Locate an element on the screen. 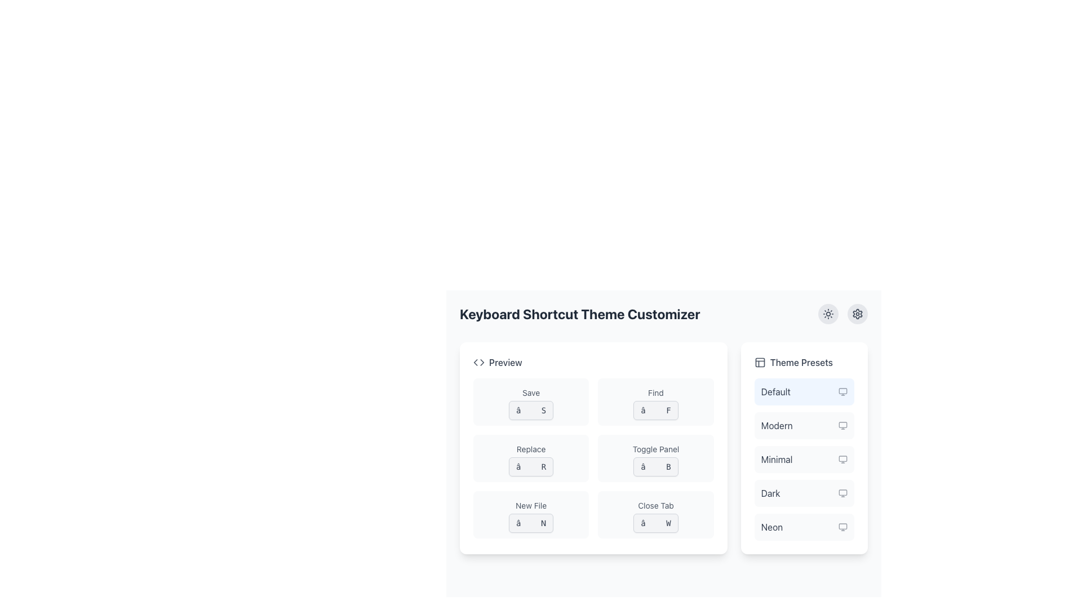 The width and height of the screenshot is (1082, 609). the 'Save' label which describes the action associated with the button below it, located at the left-middle area of the application interface is located at coordinates (530, 392).